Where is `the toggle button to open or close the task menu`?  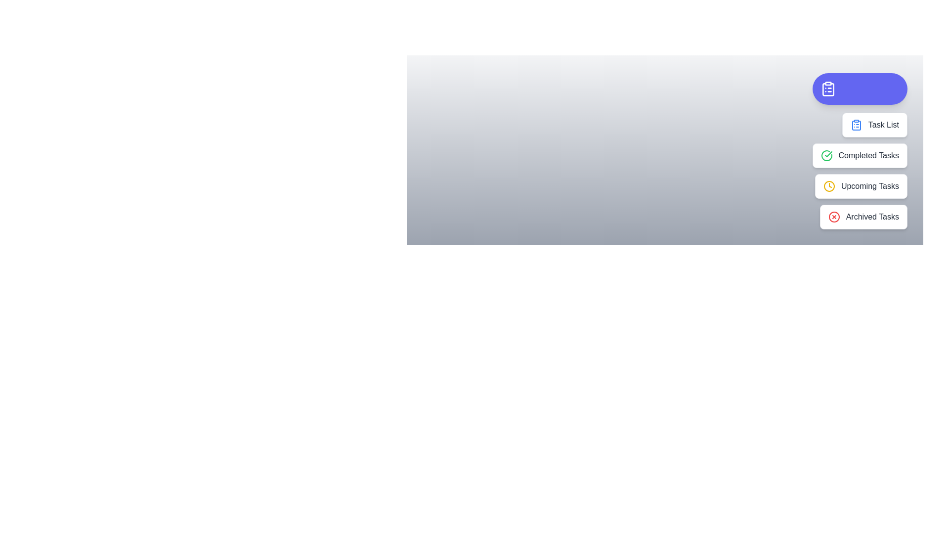 the toggle button to open or close the task menu is located at coordinates (859, 89).